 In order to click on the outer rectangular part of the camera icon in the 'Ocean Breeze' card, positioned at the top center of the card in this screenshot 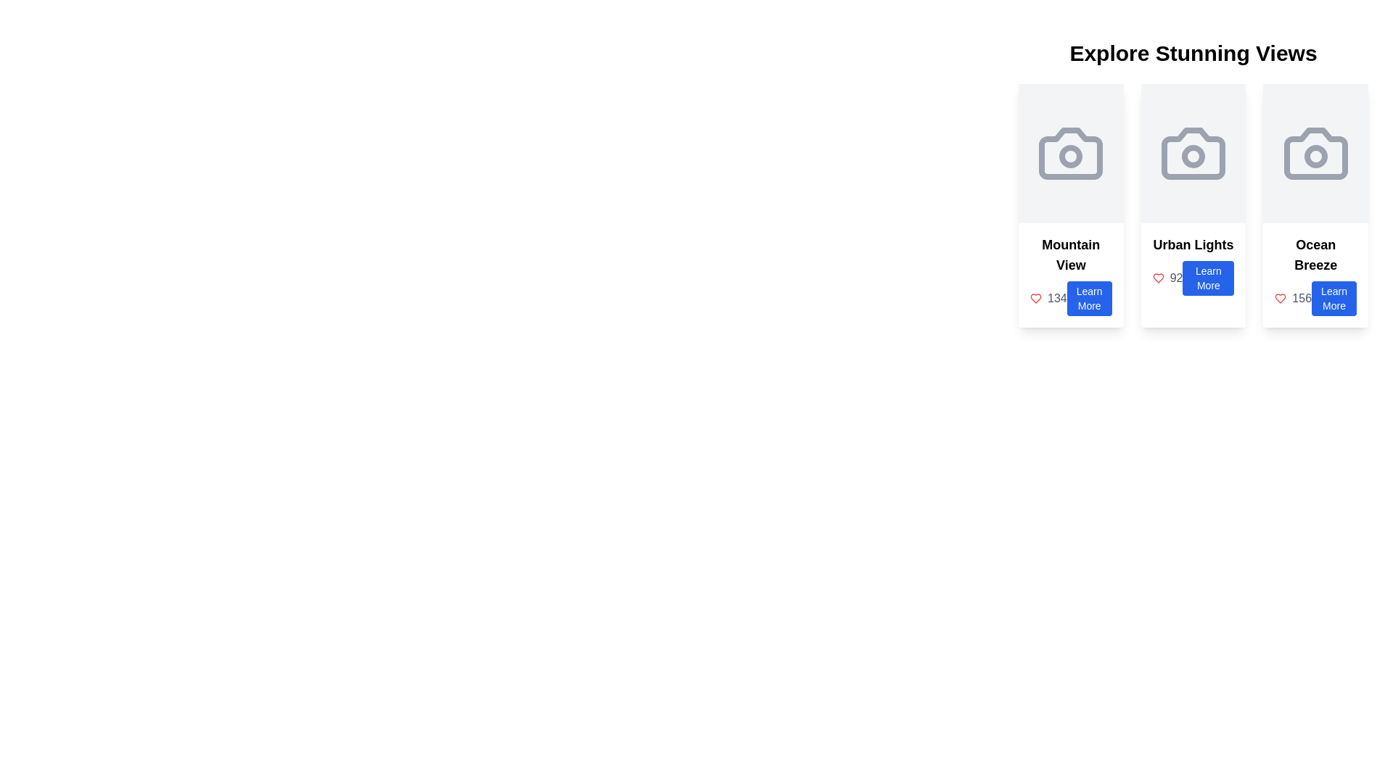, I will do `click(1315, 154)`.